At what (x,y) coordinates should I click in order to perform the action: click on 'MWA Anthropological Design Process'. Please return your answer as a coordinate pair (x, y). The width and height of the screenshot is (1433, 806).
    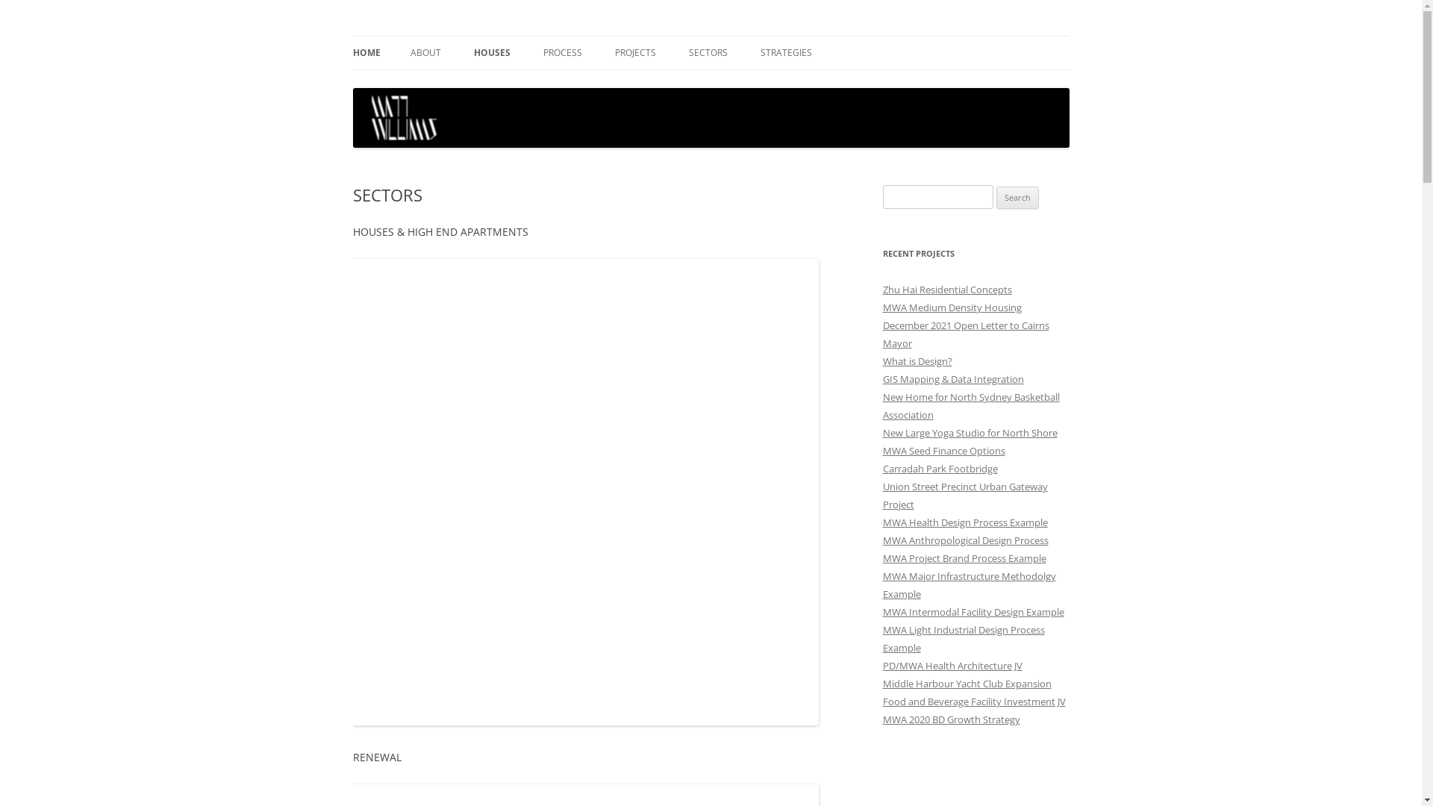
    Looking at the image, I should click on (964, 540).